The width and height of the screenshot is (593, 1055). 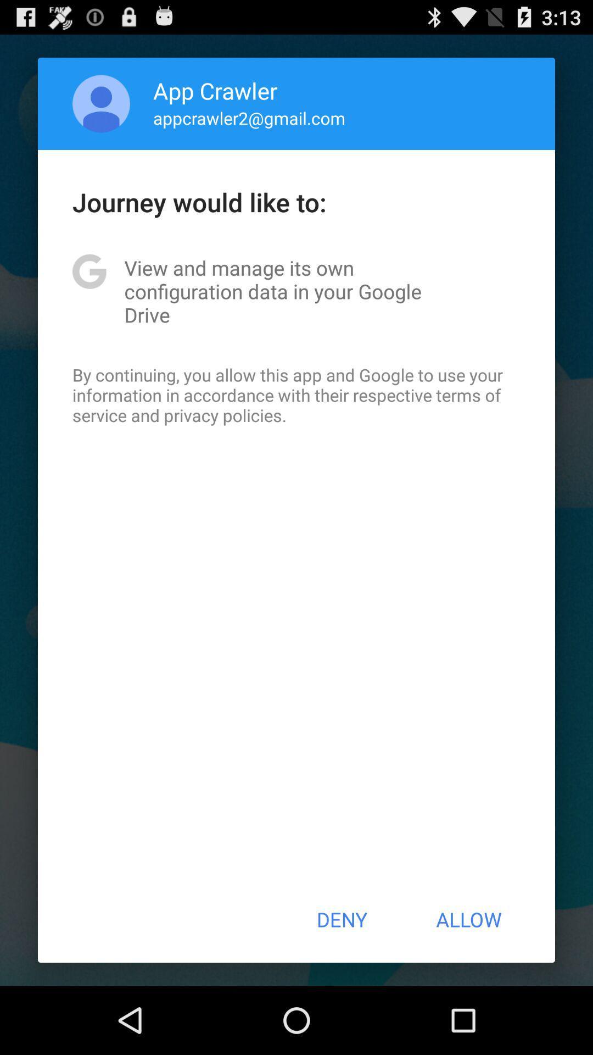 I want to click on the app above the appcrawler2@gmail.com icon, so click(x=215, y=90).